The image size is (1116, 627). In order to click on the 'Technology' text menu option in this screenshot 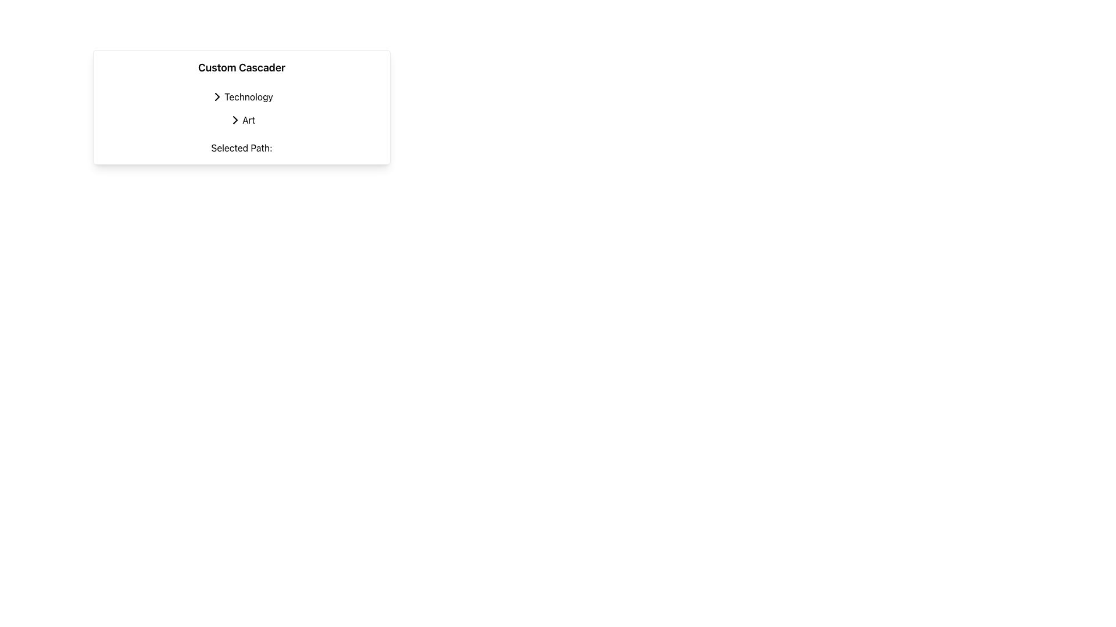, I will do `click(248, 96)`.